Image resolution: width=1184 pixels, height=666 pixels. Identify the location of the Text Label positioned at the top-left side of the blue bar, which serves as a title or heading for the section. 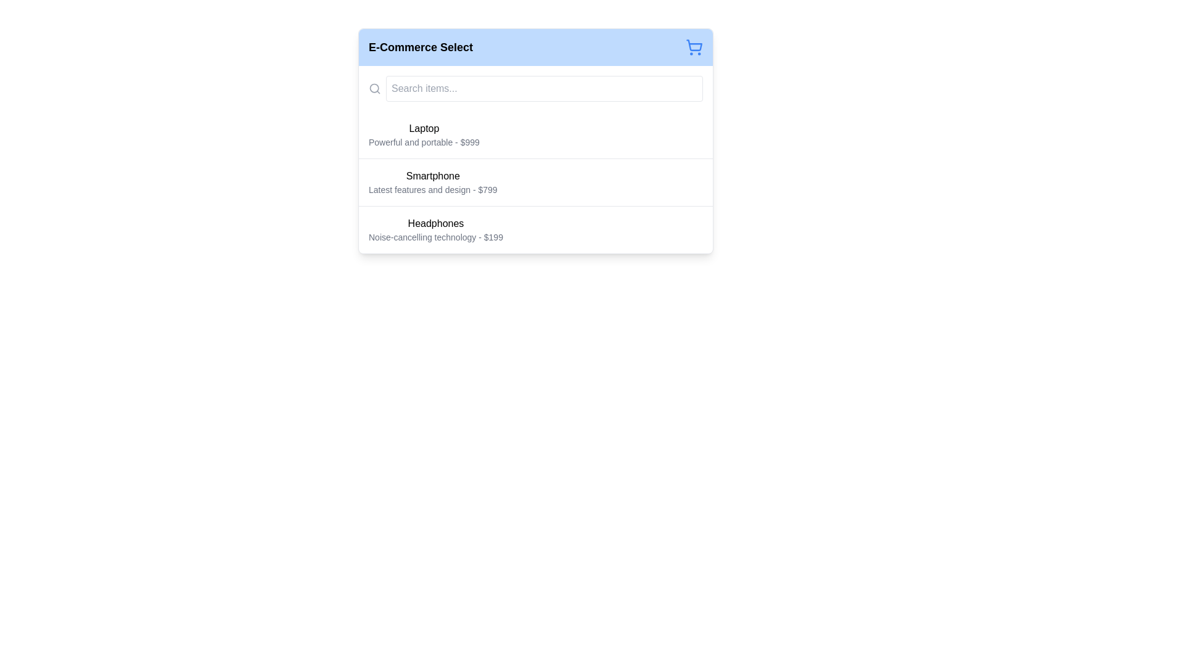
(421, 47).